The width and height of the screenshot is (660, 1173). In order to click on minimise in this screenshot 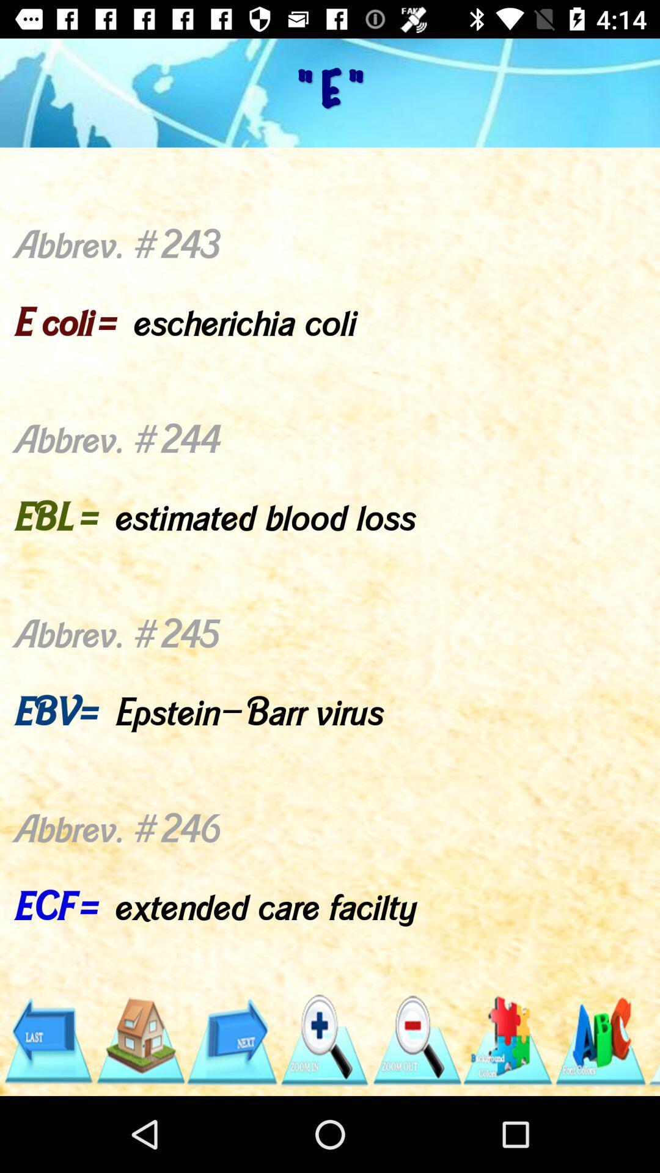, I will do `click(416, 1040)`.